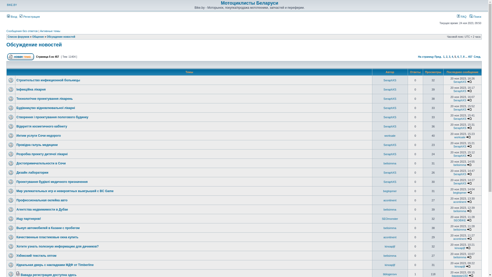 The width and height of the screenshot is (492, 277). I want to click on '7', so click(461, 57).